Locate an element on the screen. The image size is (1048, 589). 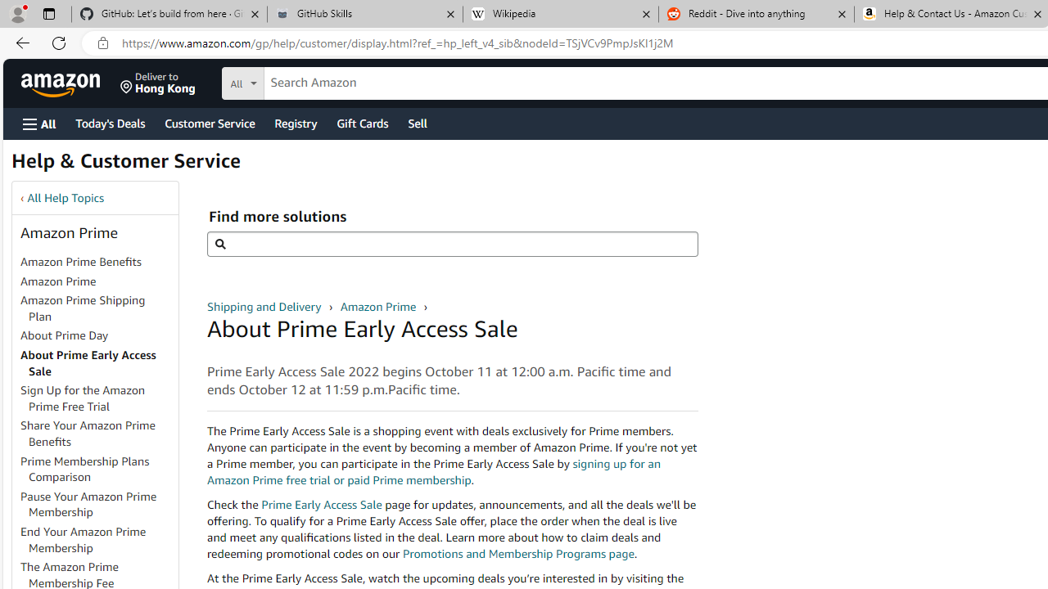
'Amazon Prime Benefits' is located at coordinates (80, 261).